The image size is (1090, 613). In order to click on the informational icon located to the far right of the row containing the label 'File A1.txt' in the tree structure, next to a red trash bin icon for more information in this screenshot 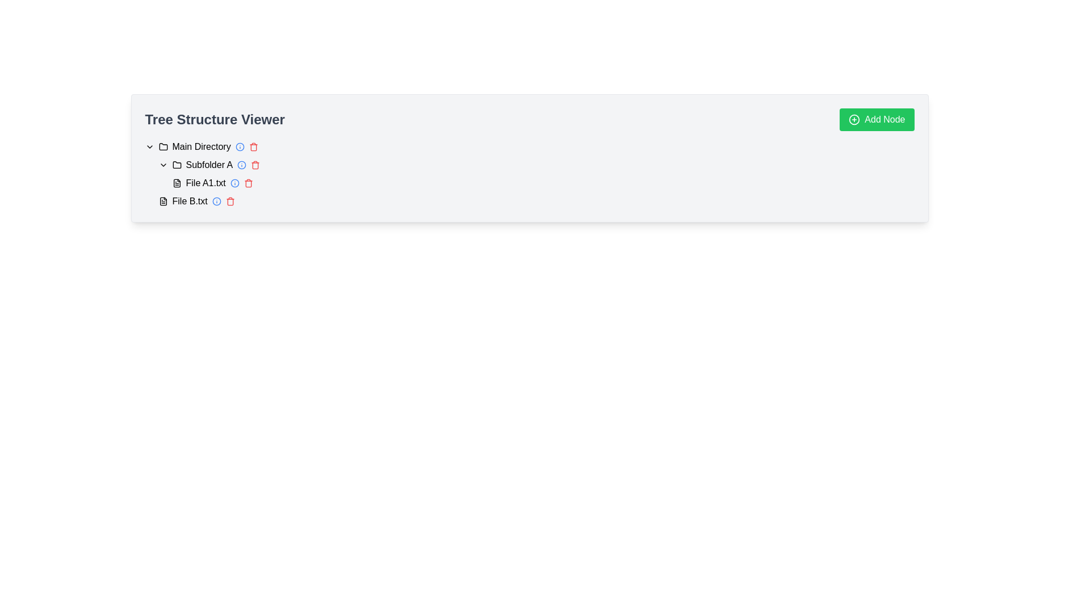, I will do `click(234, 183)`.